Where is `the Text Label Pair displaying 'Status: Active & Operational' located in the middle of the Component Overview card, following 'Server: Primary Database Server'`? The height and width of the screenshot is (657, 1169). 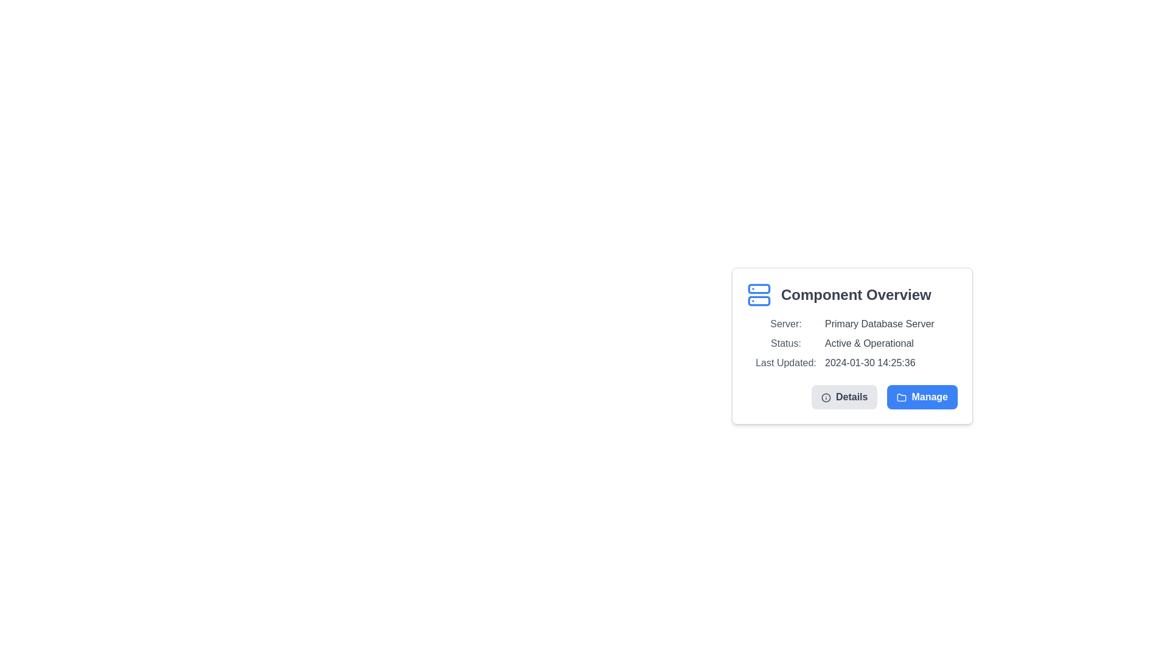
the Text Label Pair displaying 'Status: Active & Operational' located in the middle of the Component Overview card, following 'Server: Primary Database Server' is located at coordinates (852, 343).